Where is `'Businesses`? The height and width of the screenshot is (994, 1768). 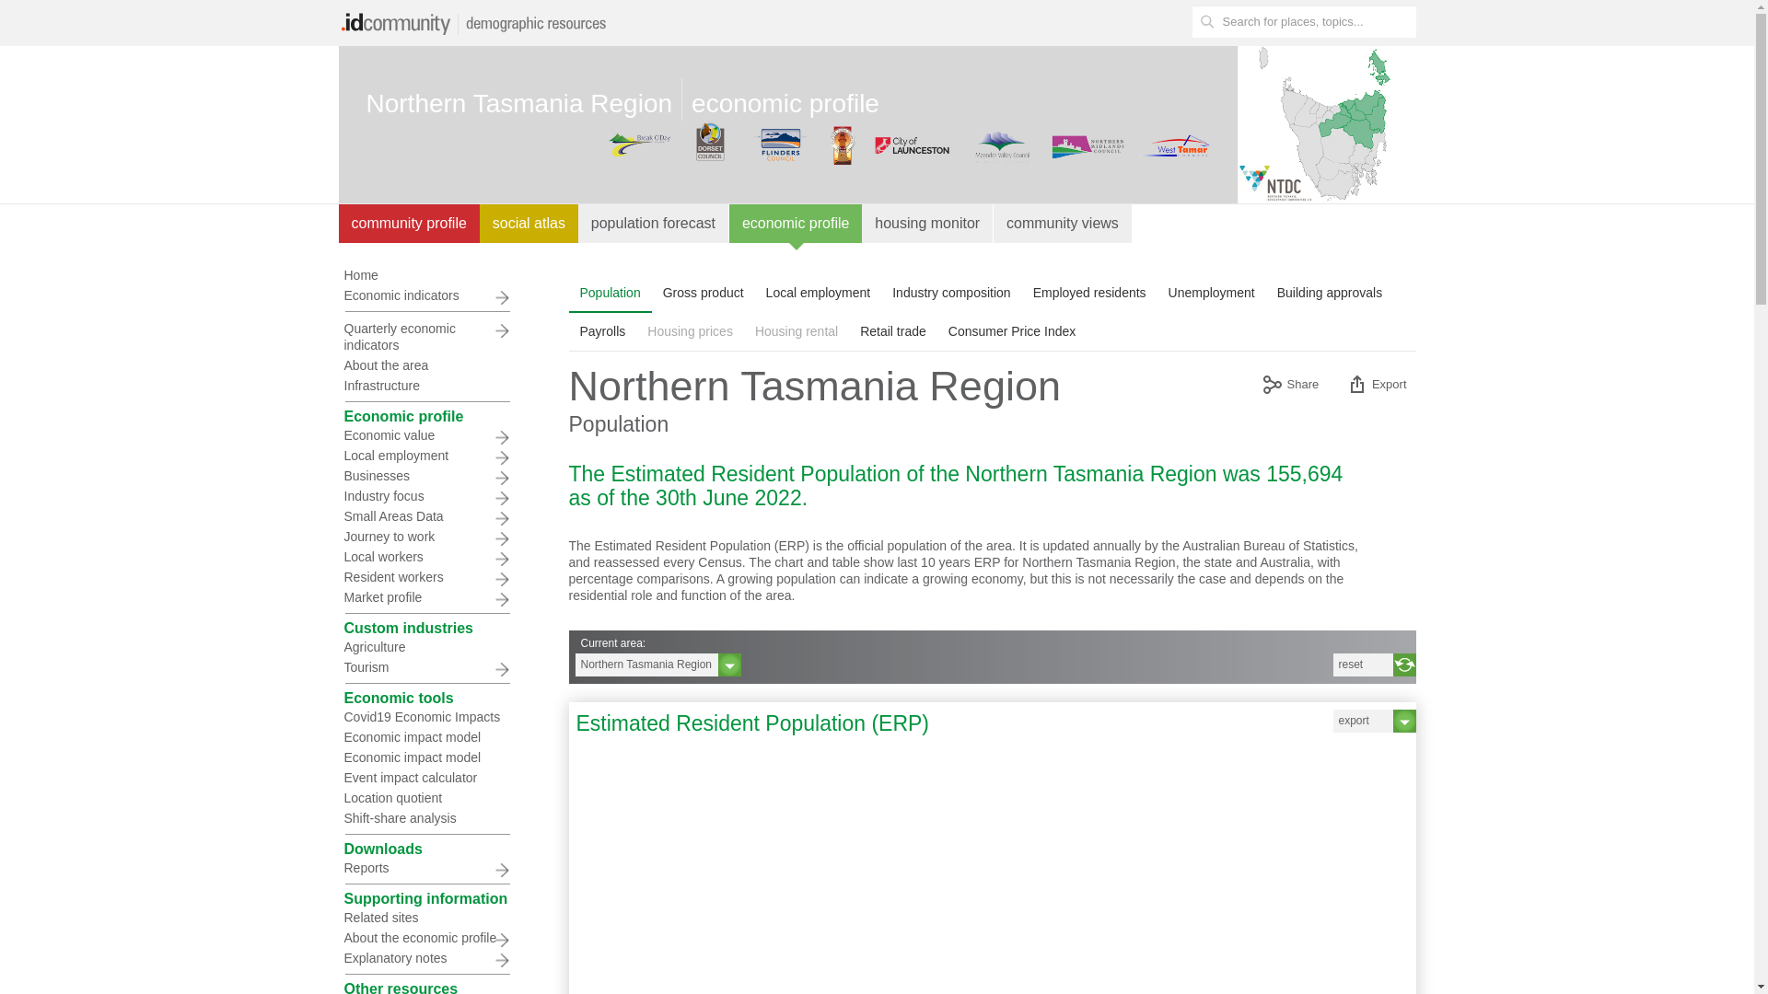
'Businesses is located at coordinates (425, 474).